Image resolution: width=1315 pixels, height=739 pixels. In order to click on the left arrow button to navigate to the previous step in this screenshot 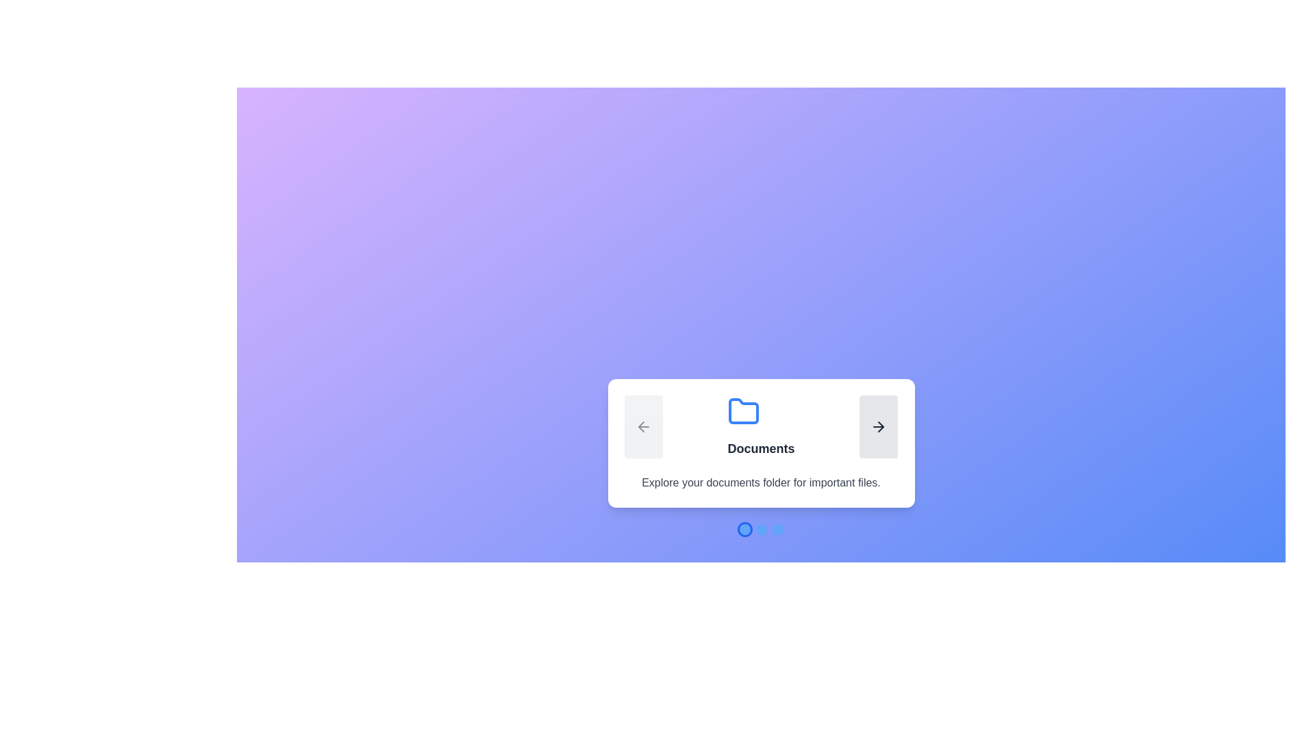, I will do `click(642, 426)`.